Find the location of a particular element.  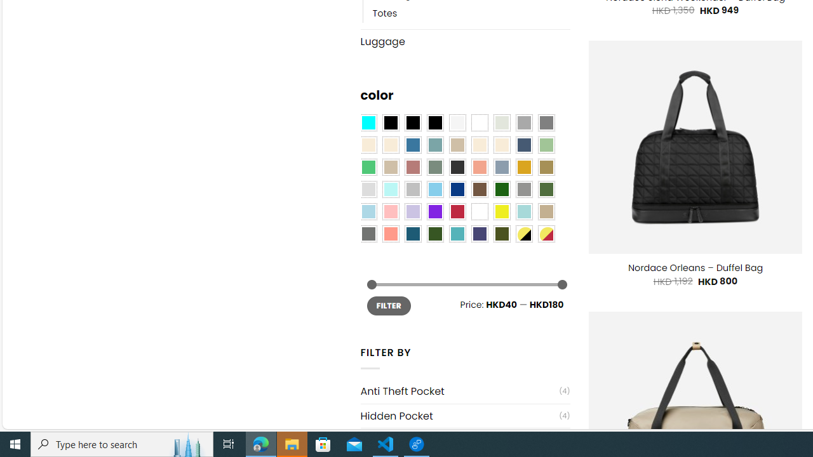

'Dusty Blue' is located at coordinates (501, 167).